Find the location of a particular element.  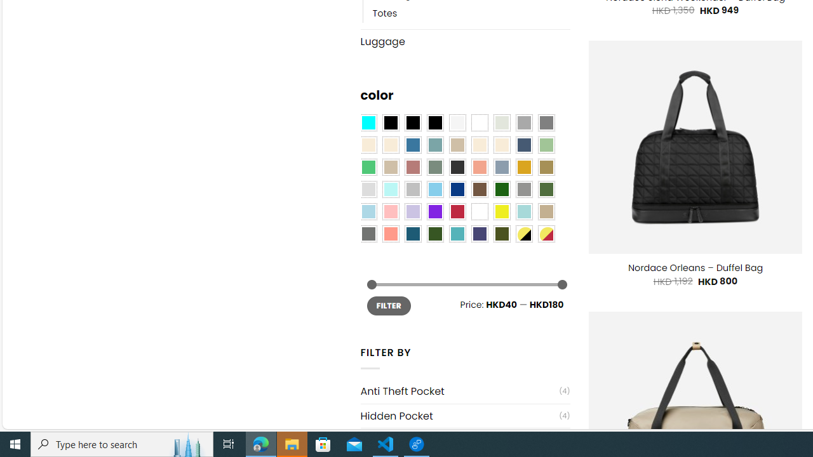

'Dusty Blue' is located at coordinates (501, 167).